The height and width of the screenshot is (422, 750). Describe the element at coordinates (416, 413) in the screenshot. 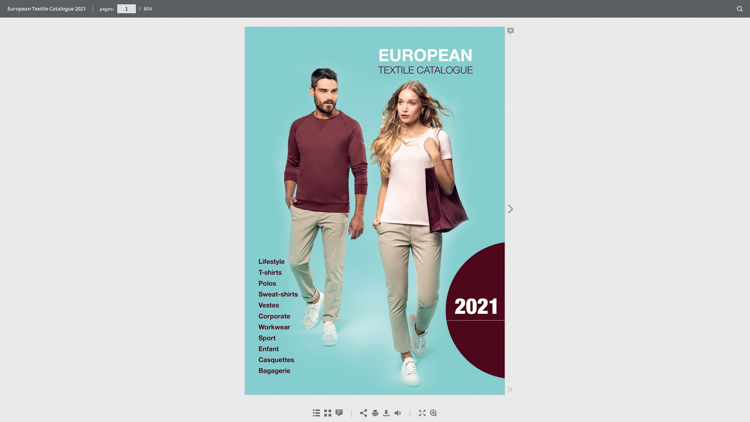

I see `'Fullscreen'` at that location.